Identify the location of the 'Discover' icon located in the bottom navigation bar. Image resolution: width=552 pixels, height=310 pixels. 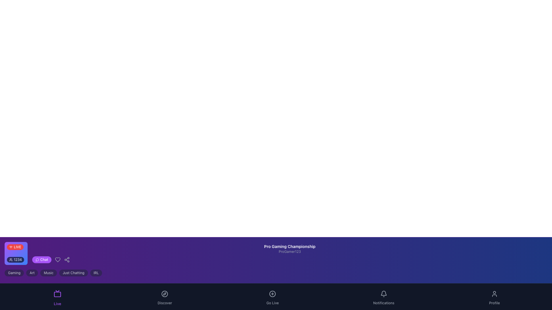
(164, 294).